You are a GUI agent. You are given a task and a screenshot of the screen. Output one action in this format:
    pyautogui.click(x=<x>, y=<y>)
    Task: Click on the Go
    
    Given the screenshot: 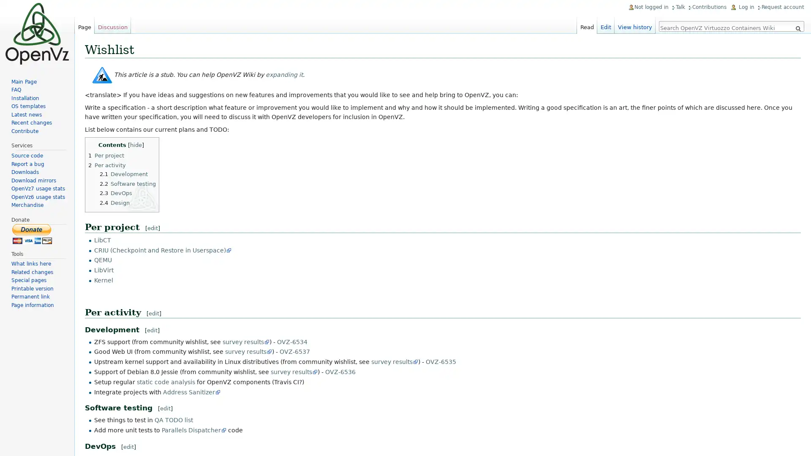 What is the action you would take?
    pyautogui.click(x=797, y=28)
    